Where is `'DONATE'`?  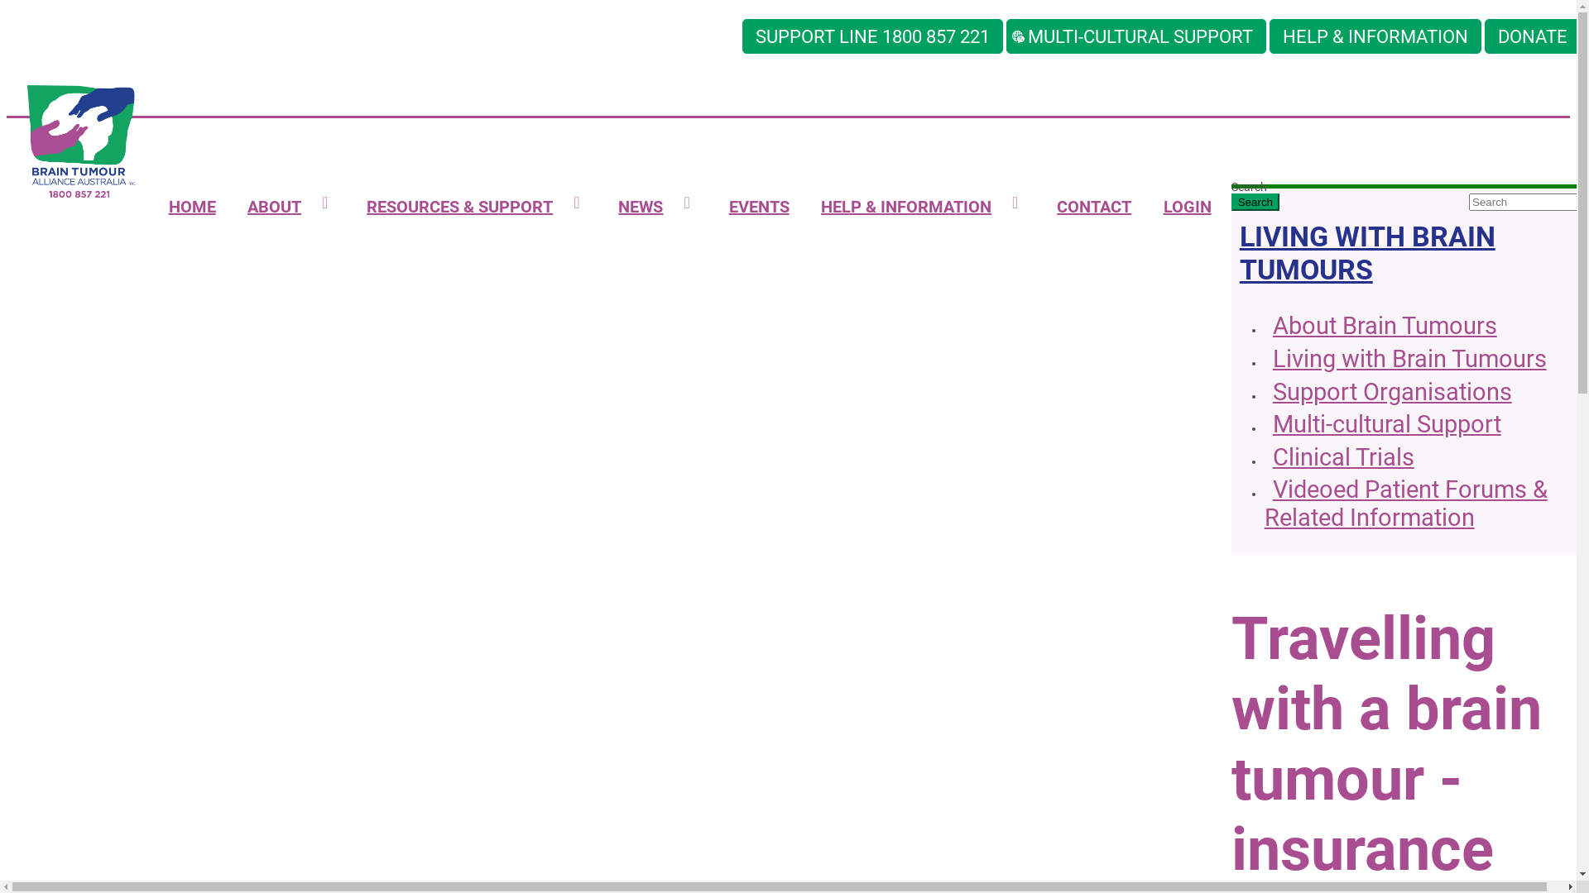
'DONATE' is located at coordinates (1532, 36).